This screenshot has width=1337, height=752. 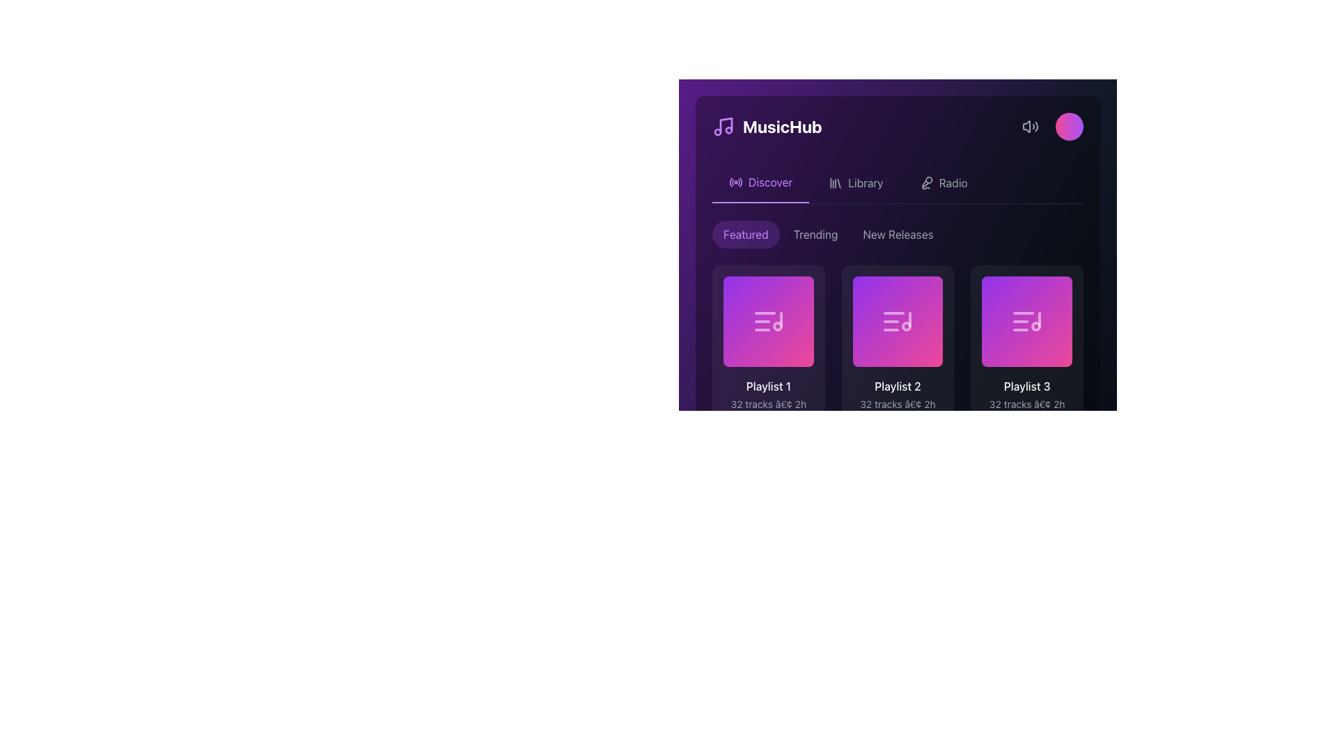 What do you see at coordinates (898, 410) in the screenshot?
I see `the Text Label element displaying '32 tracks • 2h 15m' located beneath 'Playlist 2'` at bounding box center [898, 410].